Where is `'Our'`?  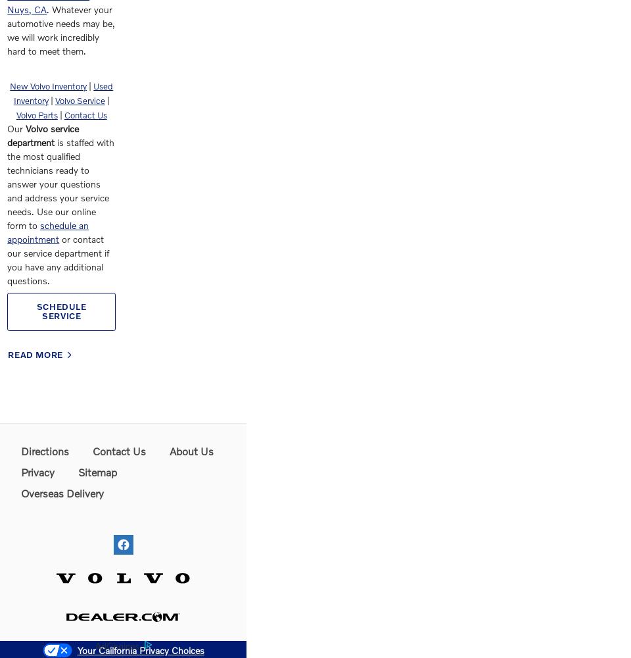 'Our' is located at coordinates (7, 128).